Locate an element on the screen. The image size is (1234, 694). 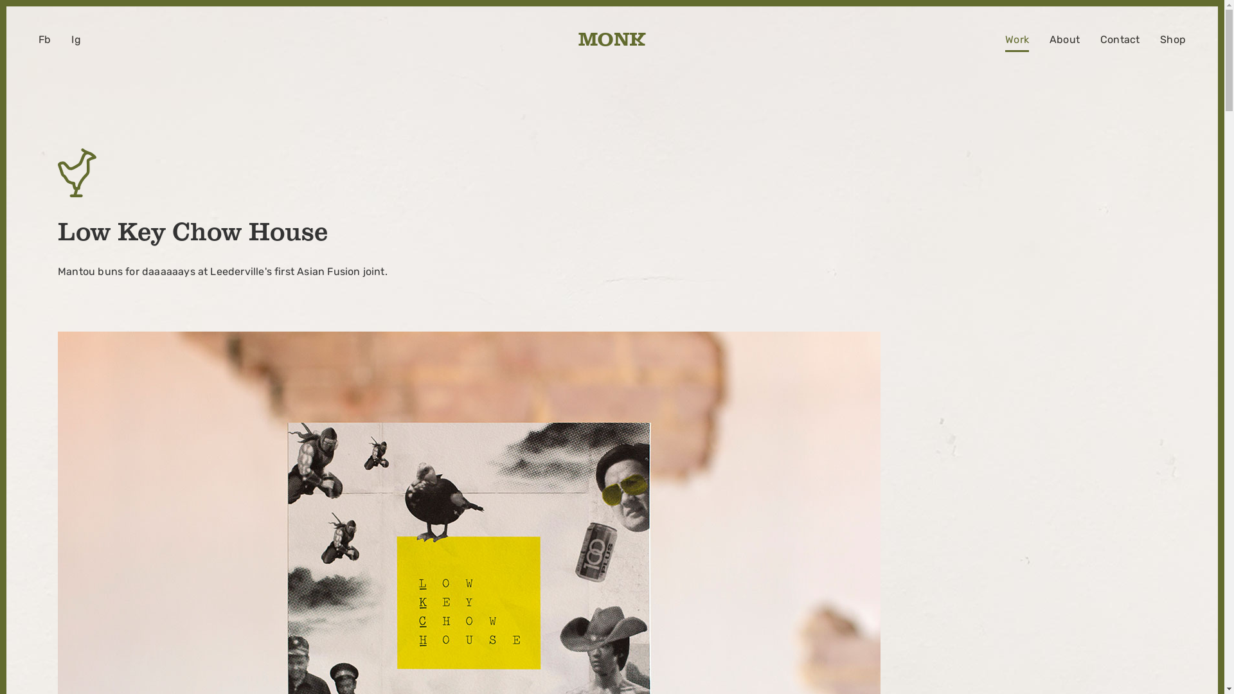
'Ig' is located at coordinates (75, 41).